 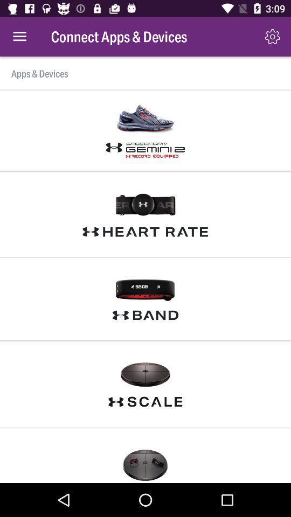 I want to click on the icon to the left of connect apps & devices, so click(x=19, y=37).